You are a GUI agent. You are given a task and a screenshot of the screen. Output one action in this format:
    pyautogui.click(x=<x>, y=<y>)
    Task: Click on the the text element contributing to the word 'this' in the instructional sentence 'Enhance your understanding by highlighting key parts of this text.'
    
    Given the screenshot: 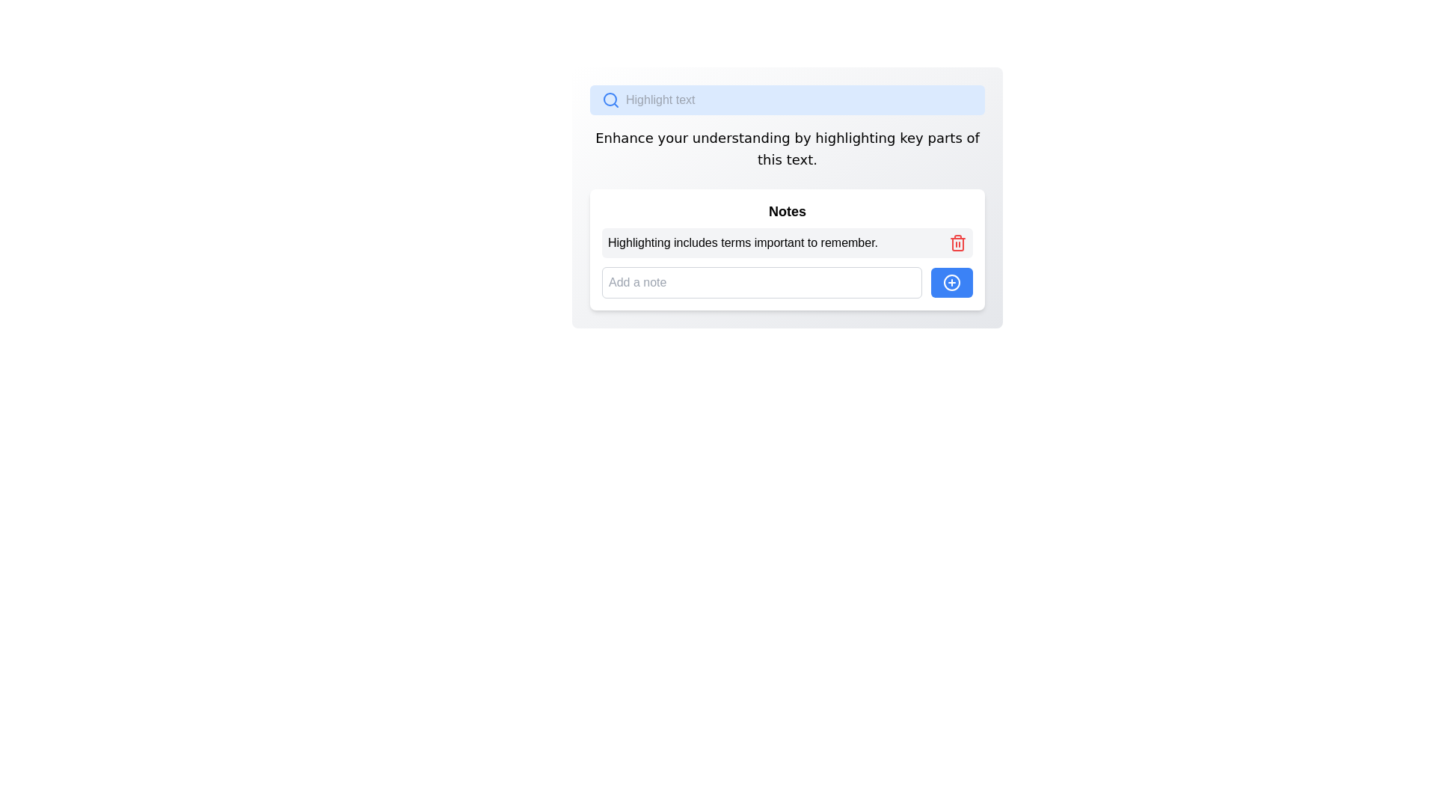 What is the action you would take?
    pyautogui.click(x=773, y=159)
    